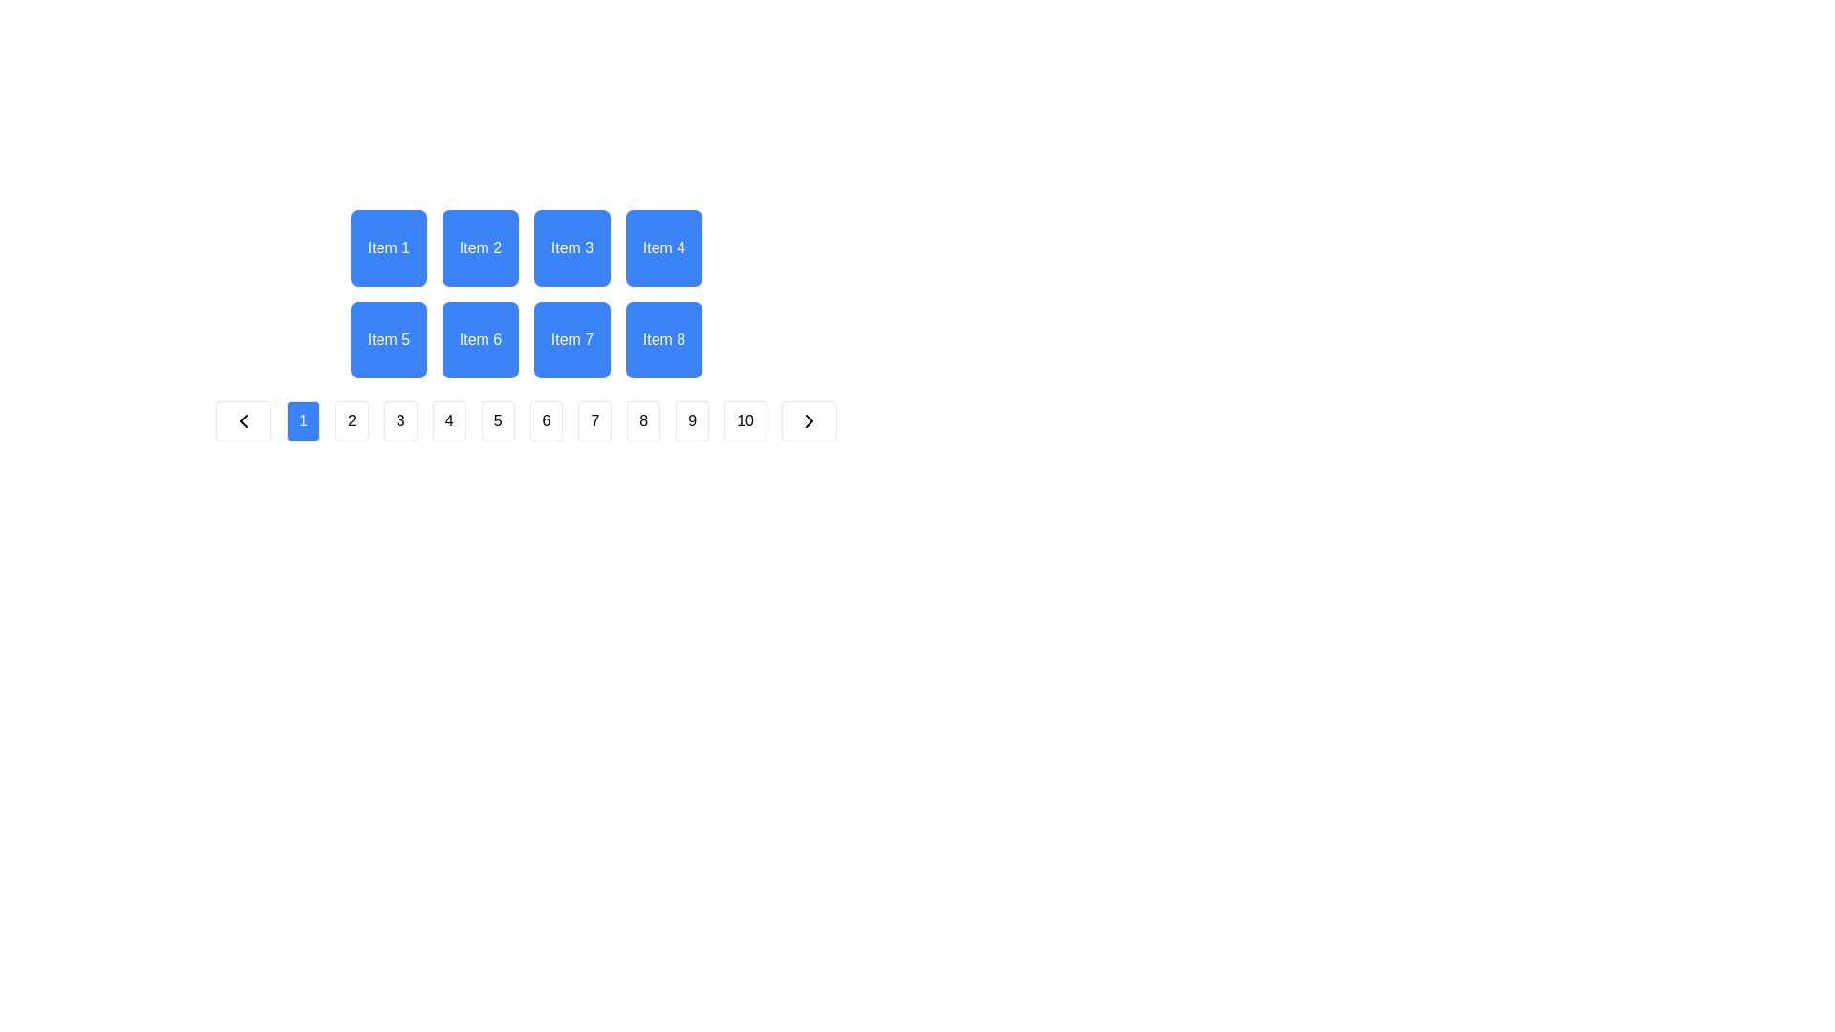 The image size is (1835, 1032). What do you see at coordinates (664, 338) in the screenshot?
I see `the blue square button with rounded corners labeled 'Item 8' located in the fourth position of the second row in a 4x2 grid layout` at bounding box center [664, 338].